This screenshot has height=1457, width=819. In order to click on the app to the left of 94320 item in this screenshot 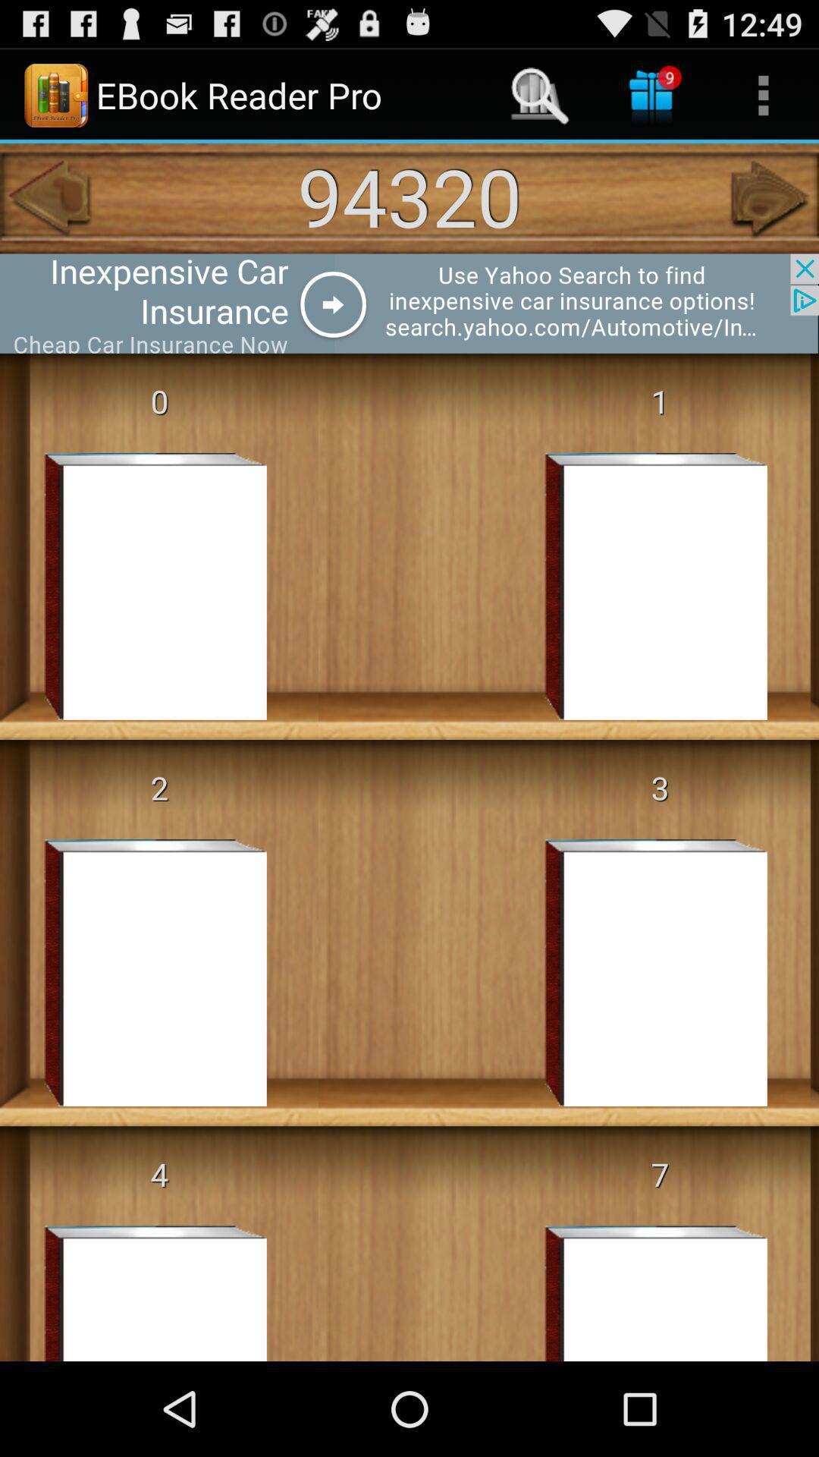, I will do `click(46, 197)`.